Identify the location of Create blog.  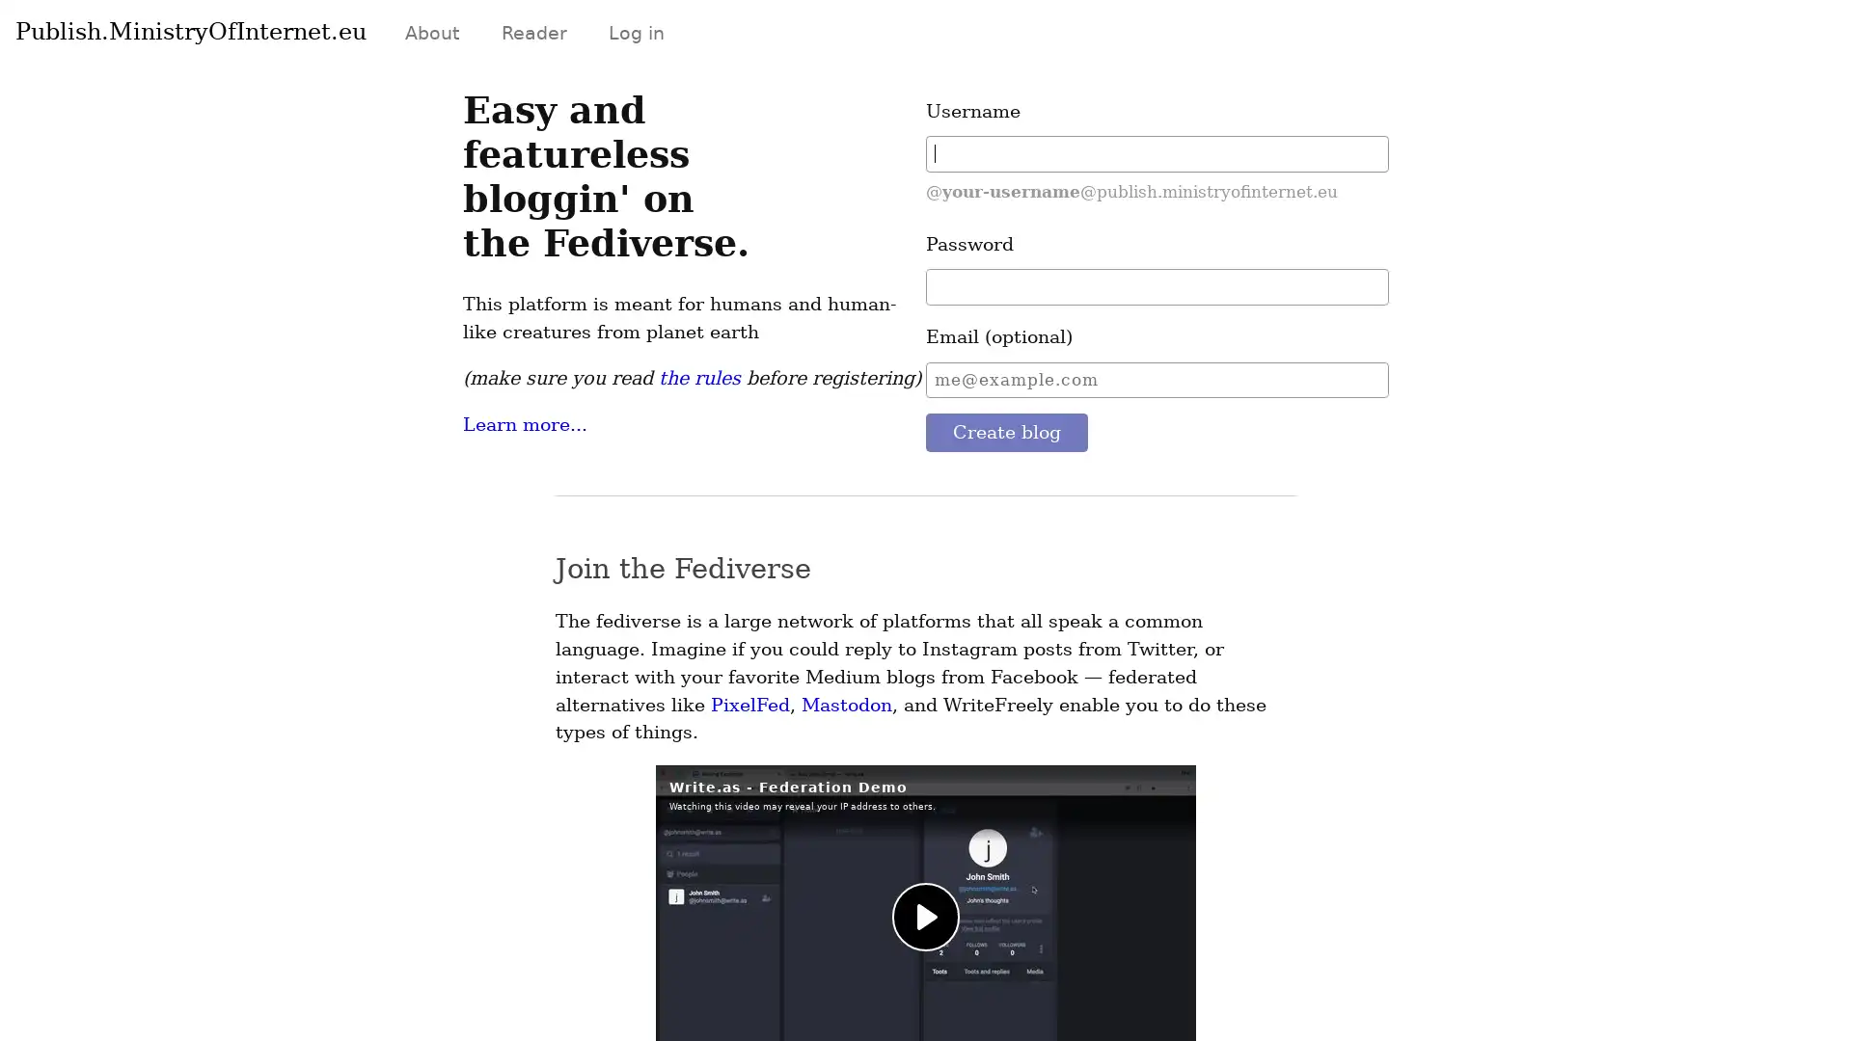
(1006, 434).